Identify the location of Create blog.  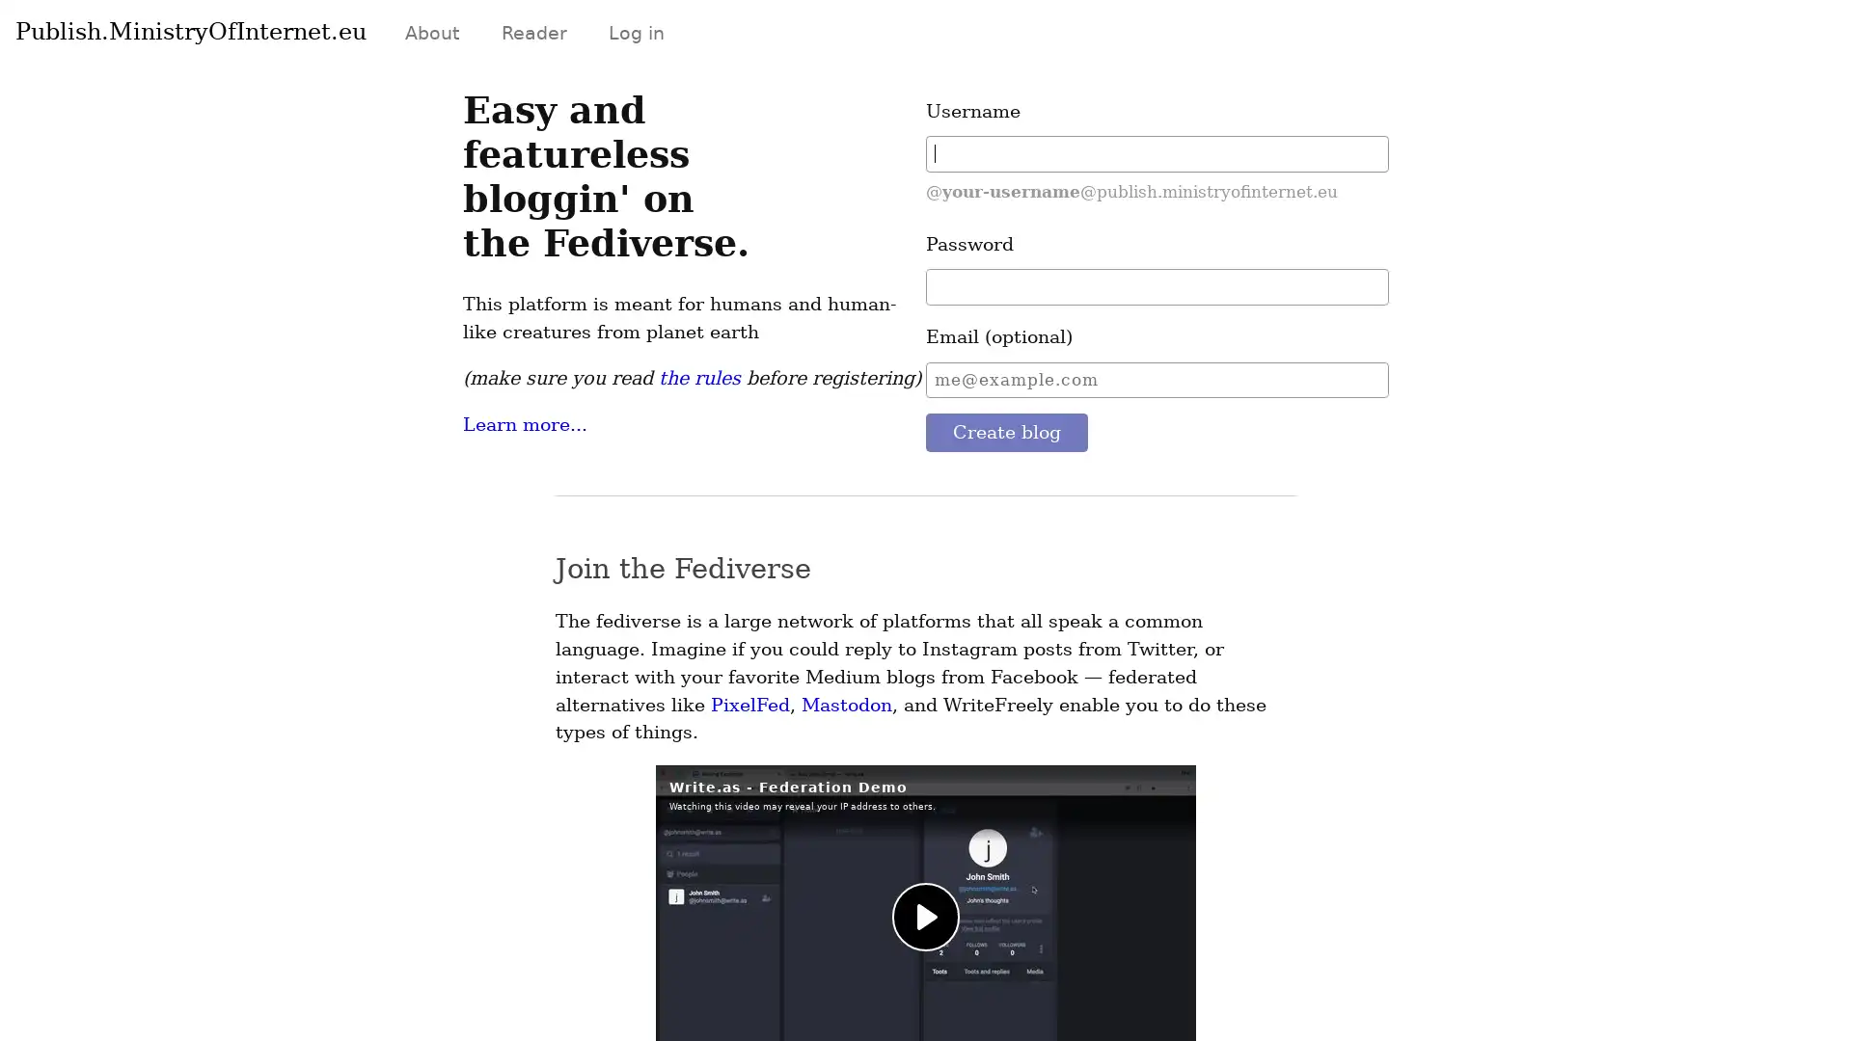
(1006, 434).